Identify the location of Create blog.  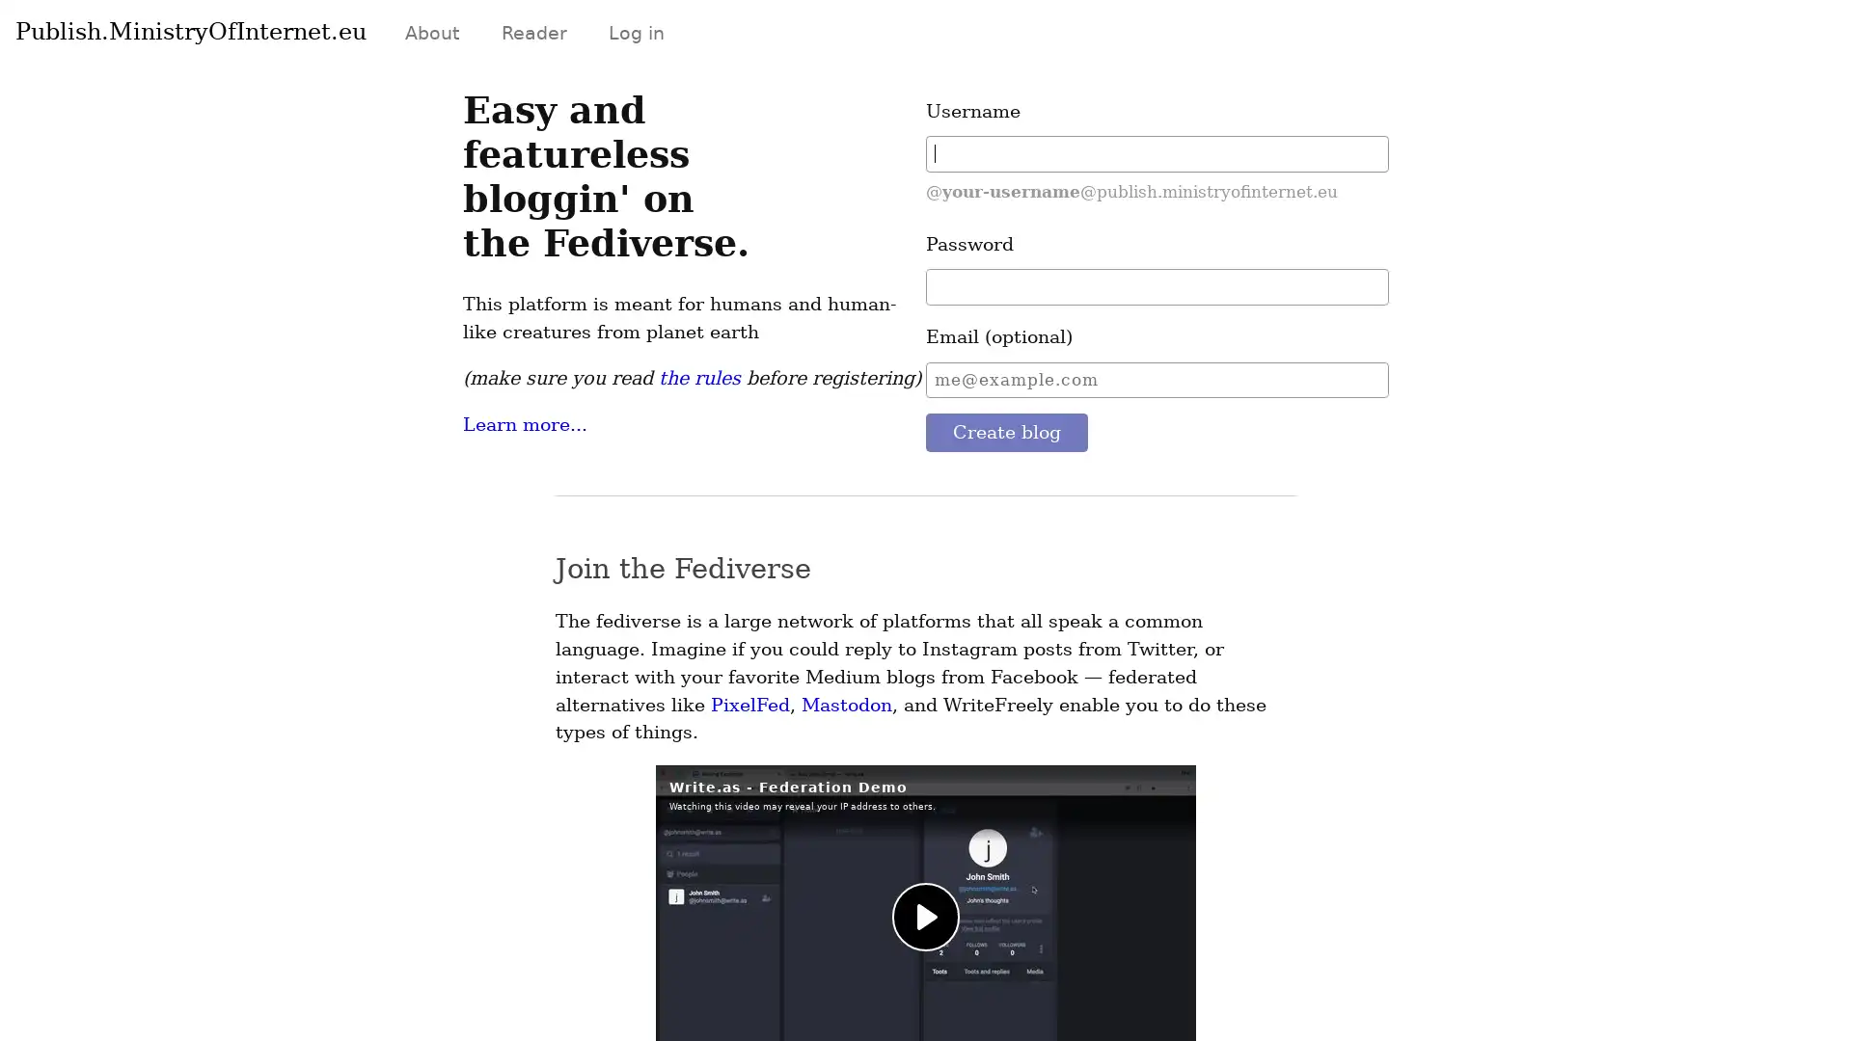
(1006, 434).